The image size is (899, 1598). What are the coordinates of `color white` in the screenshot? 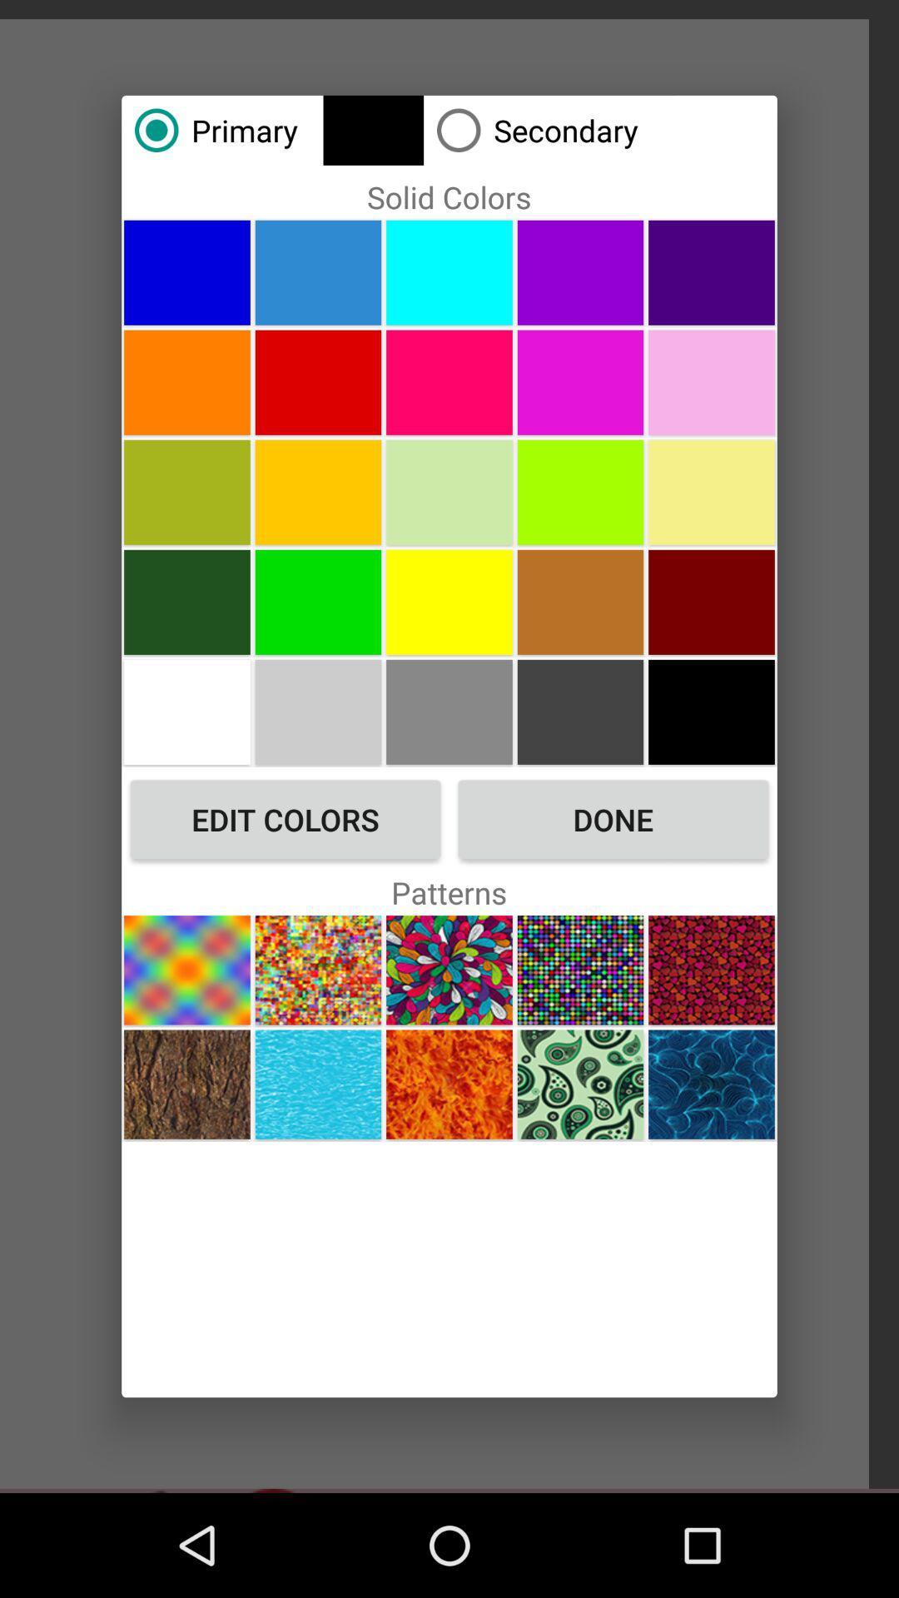 It's located at (186, 712).